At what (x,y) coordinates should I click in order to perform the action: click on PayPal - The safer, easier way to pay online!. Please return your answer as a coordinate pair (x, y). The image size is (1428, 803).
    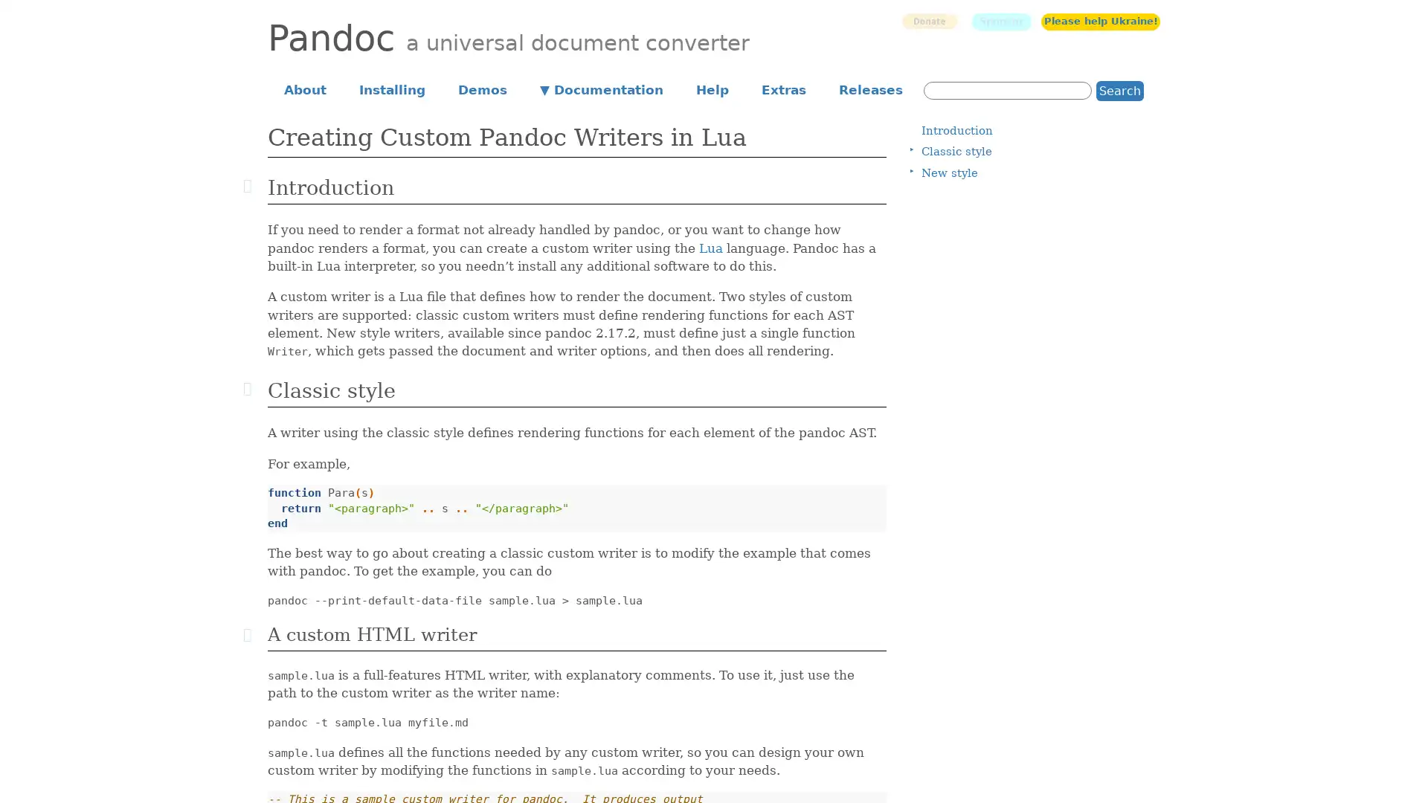
    Looking at the image, I should click on (928, 21).